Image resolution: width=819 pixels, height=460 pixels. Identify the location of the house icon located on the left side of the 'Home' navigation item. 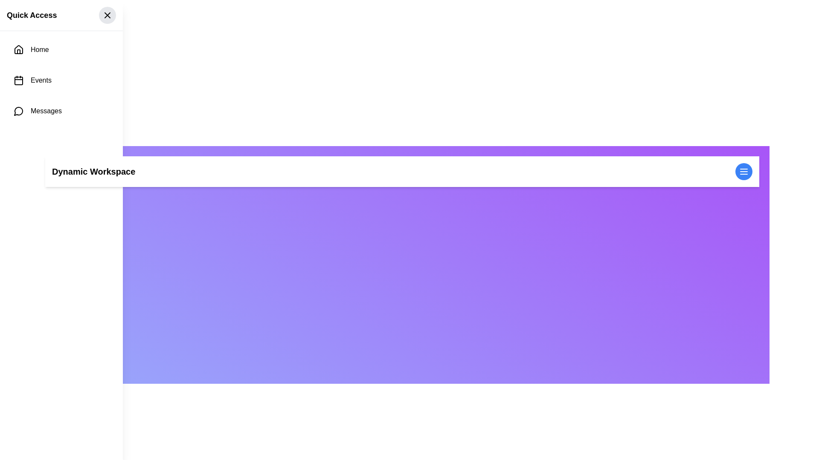
(18, 49).